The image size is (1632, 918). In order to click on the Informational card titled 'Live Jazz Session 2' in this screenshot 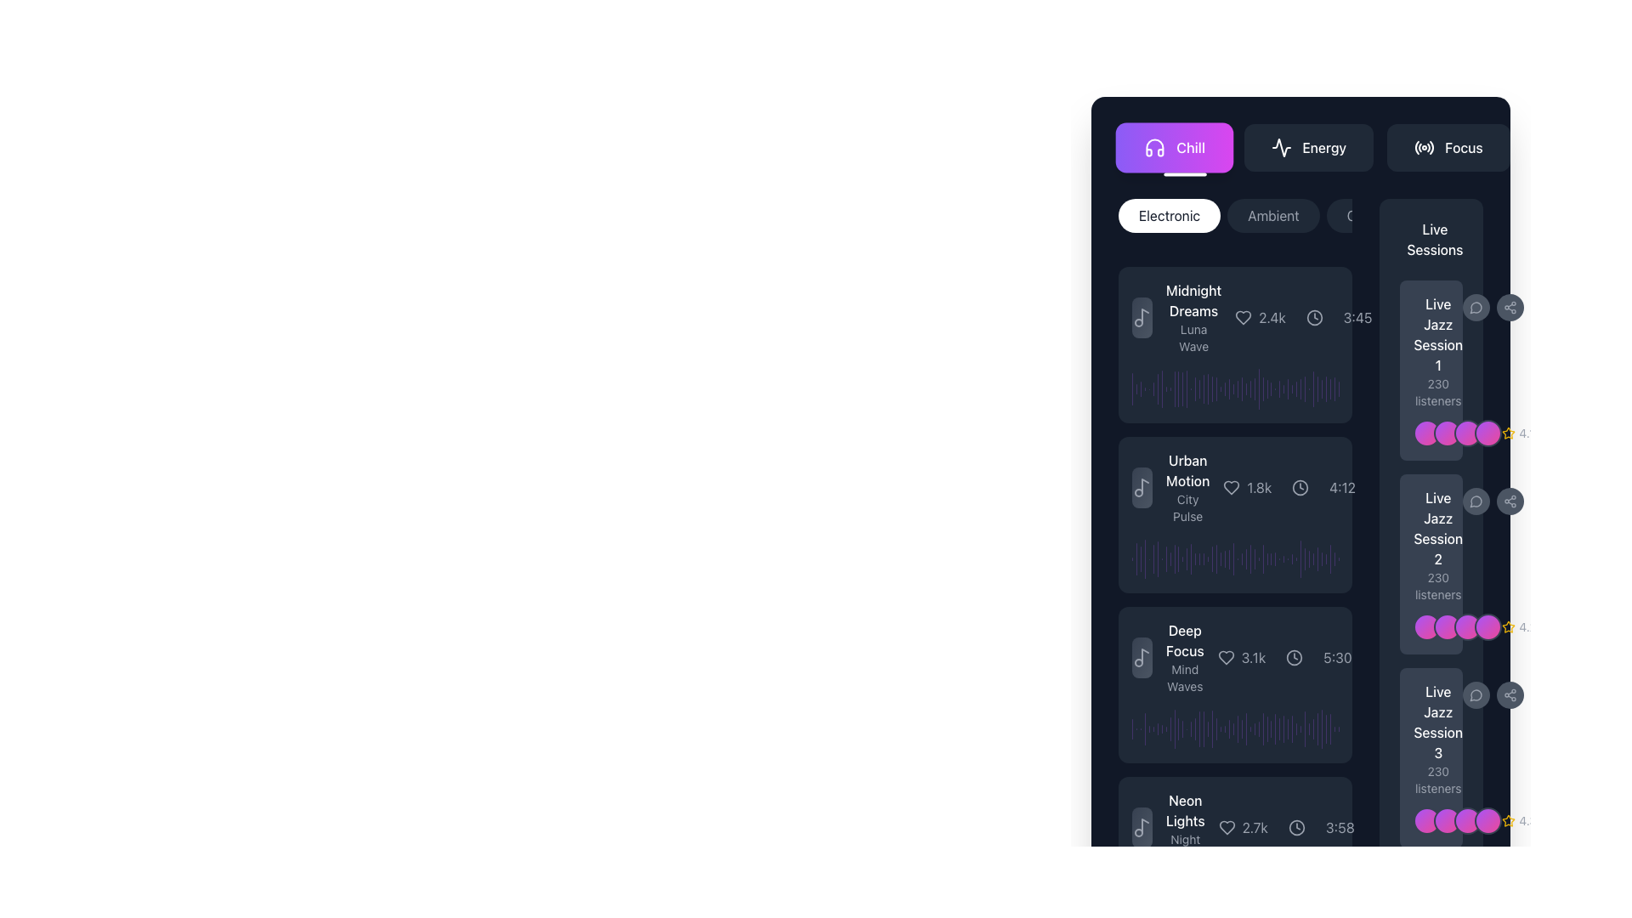, I will do `click(1431, 564)`.